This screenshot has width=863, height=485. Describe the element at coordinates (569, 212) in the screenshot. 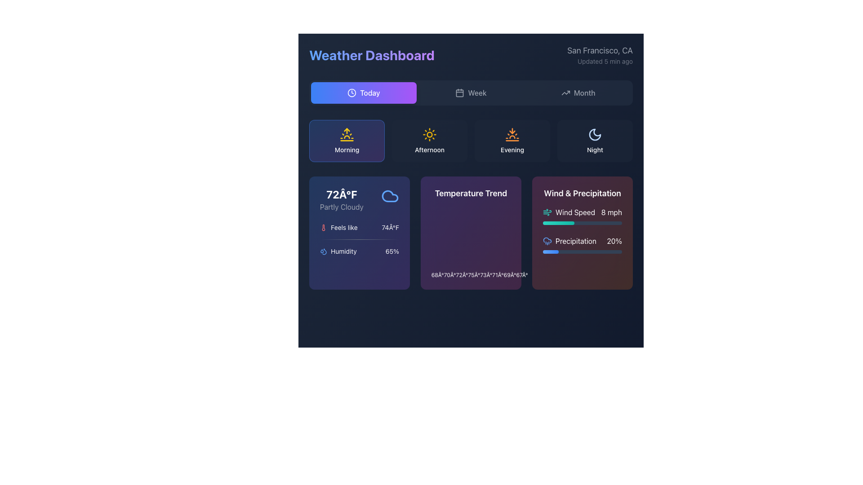

I see `the 'Wind Speed' label, which includes a teal wind streams icon to its left and is part of the 'Wind & Precipitation' section` at that location.